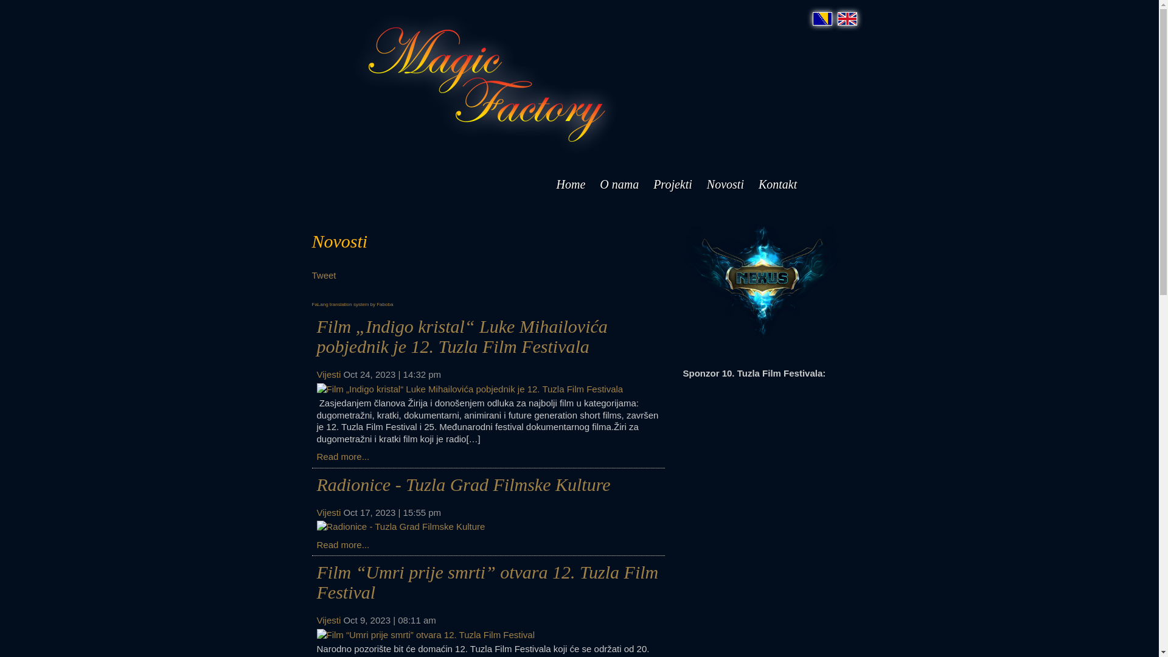 The height and width of the screenshot is (657, 1168). What do you see at coordinates (328, 374) in the screenshot?
I see `'Vijesti'` at bounding box center [328, 374].